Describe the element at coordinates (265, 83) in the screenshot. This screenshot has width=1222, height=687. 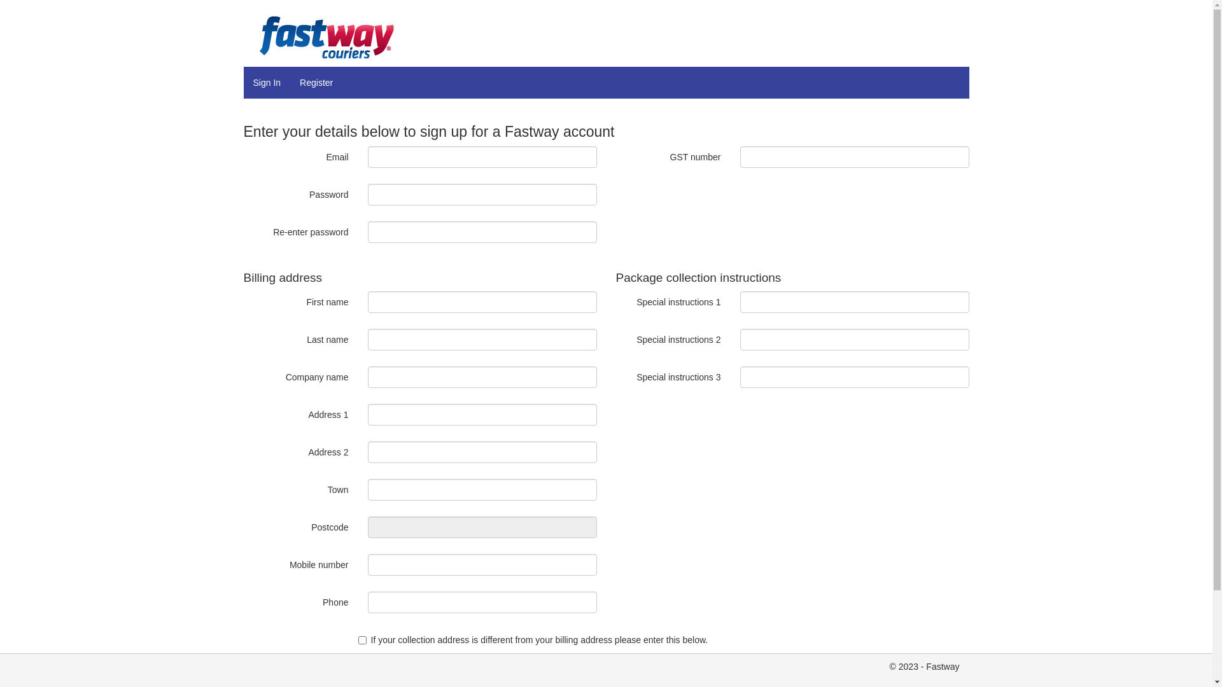
I see `'Sign In'` at that location.